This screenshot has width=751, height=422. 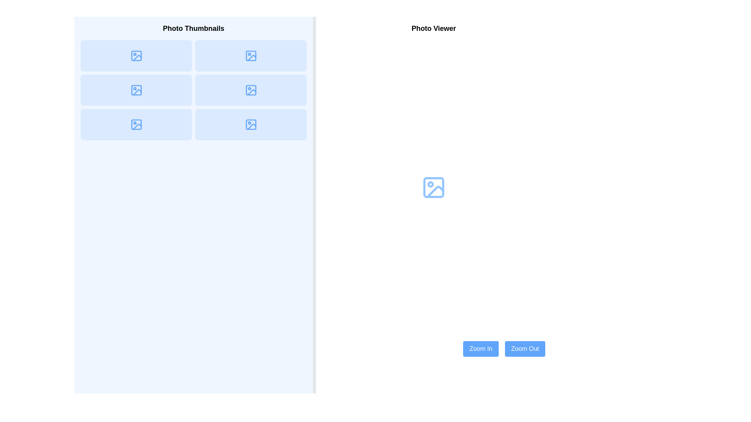 What do you see at coordinates (433, 28) in the screenshot?
I see `the static text header that serves as a title for the photo viewing interface, which is centrally aligned and located above the main image display area and action buttons` at bounding box center [433, 28].